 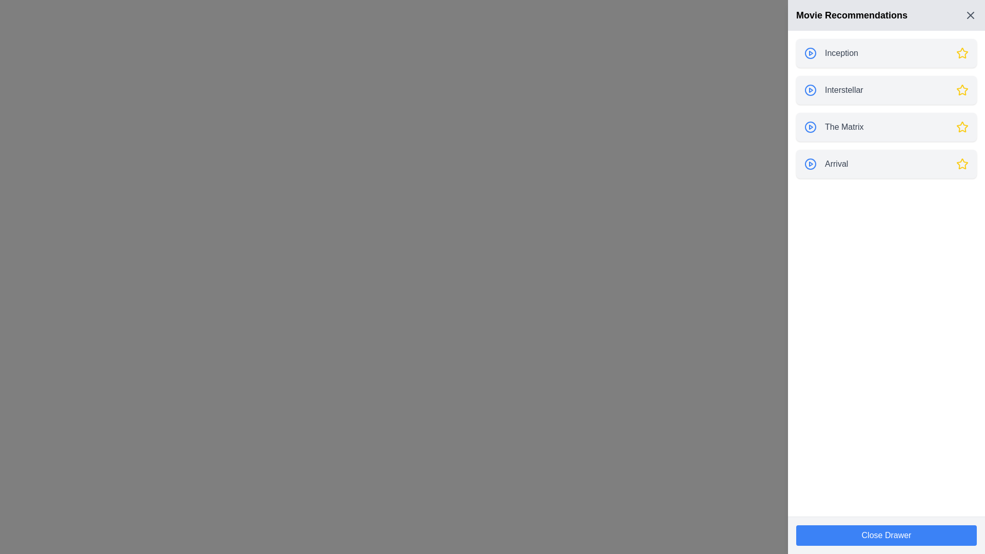 What do you see at coordinates (810, 164) in the screenshot?
I see `the circular blue outlined play button with a triangular icon located to the left of the 'Arrival' label in the right side panel` at bounding box center [810, 164].